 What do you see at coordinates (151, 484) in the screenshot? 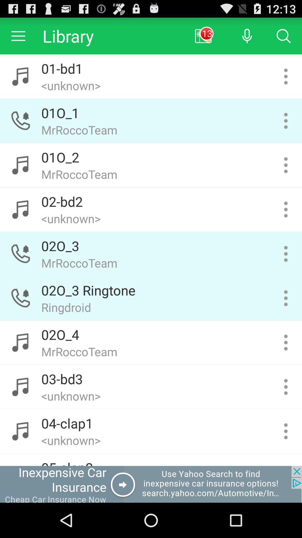
I see `advertisement in the bottom` at bounding box center [151, 484].